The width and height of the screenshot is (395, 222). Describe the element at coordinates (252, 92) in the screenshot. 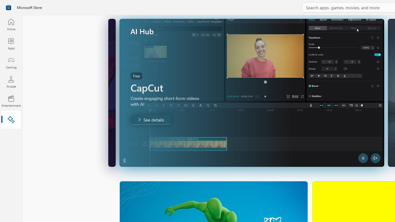

I see `'AutomationID: Image'` at that location.